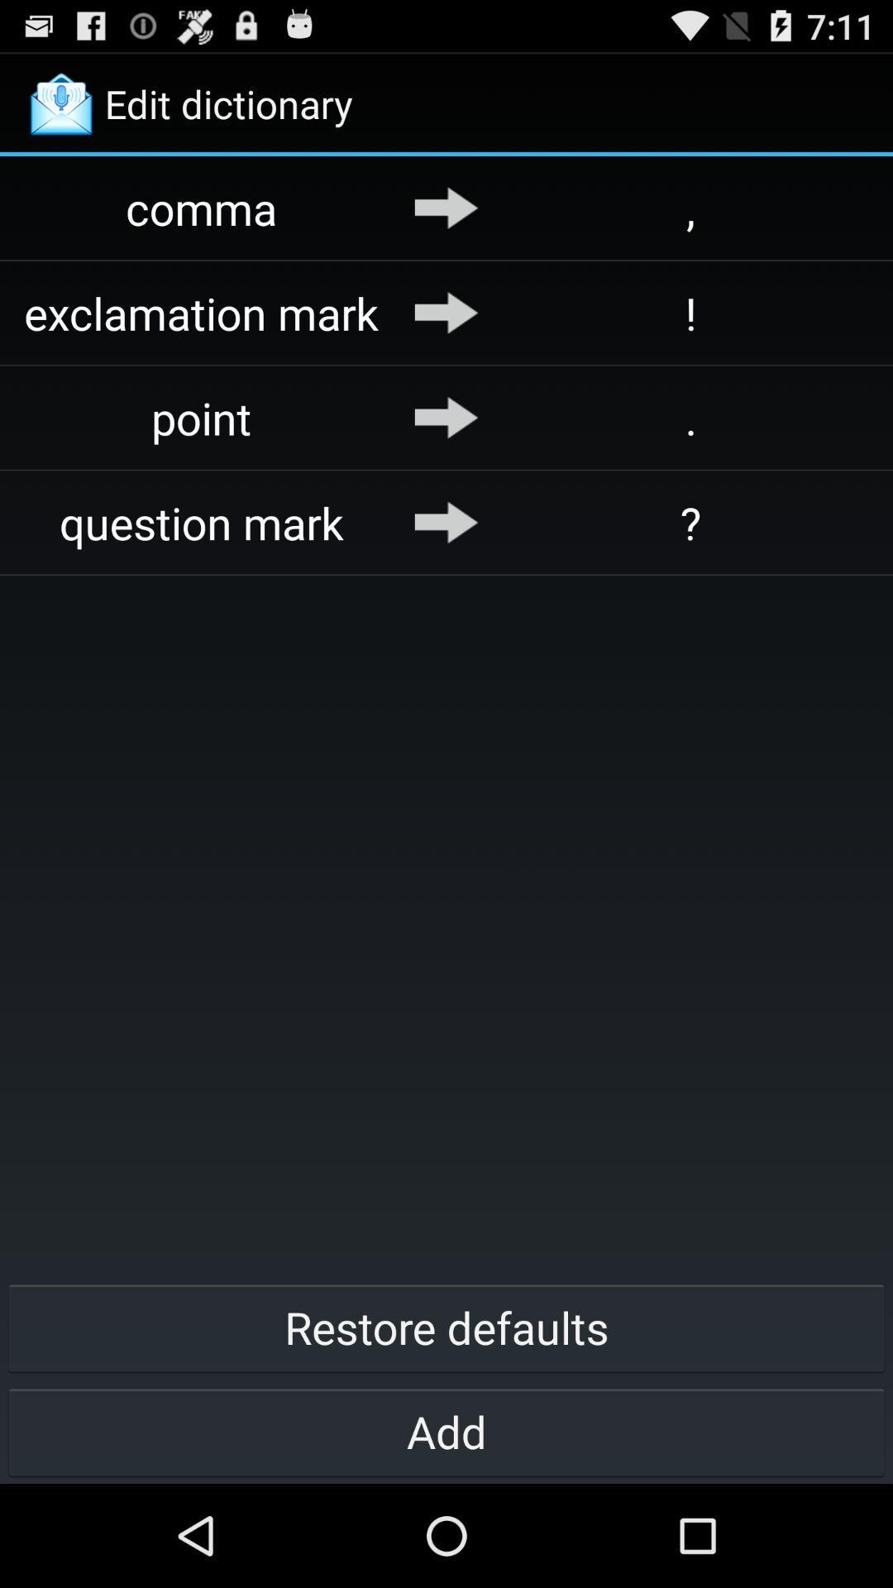 This screenshot has height=1588, width=893. Describe the element at coordinates (446, 313) in the screenshot. I see `the icon next to ! app` at that location.